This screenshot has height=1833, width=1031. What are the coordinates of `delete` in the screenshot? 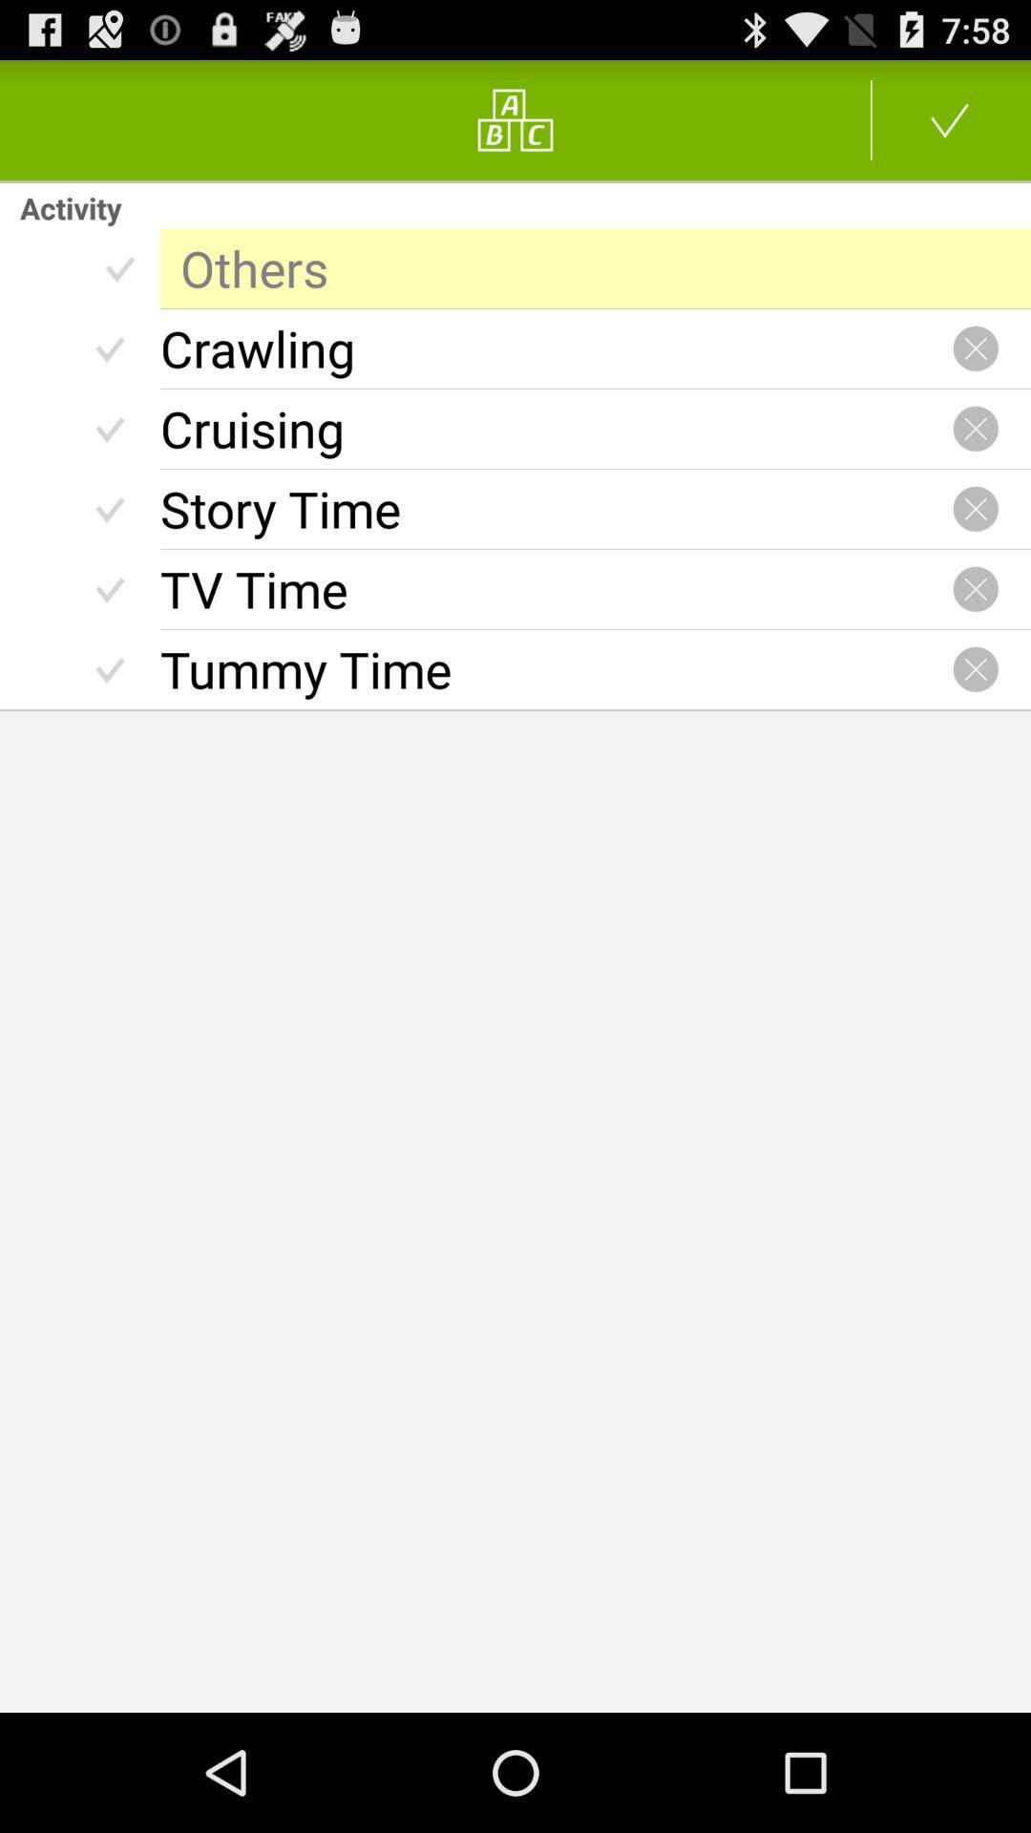 It's located at (976, 669).